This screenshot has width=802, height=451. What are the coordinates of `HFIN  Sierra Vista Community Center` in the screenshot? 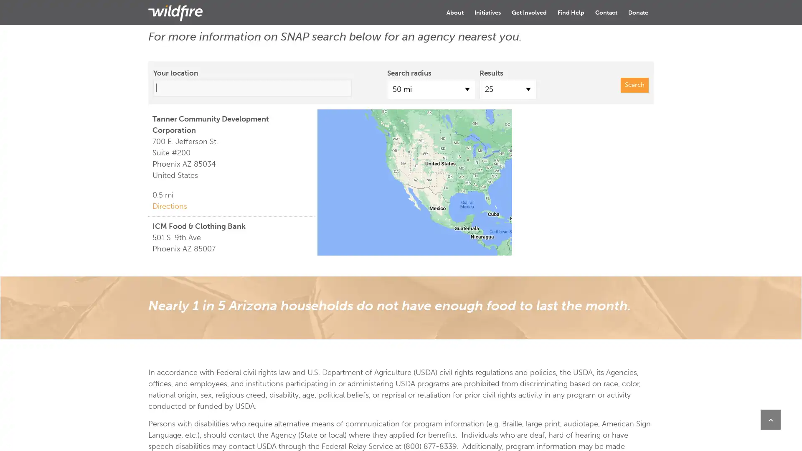 It's located at (490, 198).